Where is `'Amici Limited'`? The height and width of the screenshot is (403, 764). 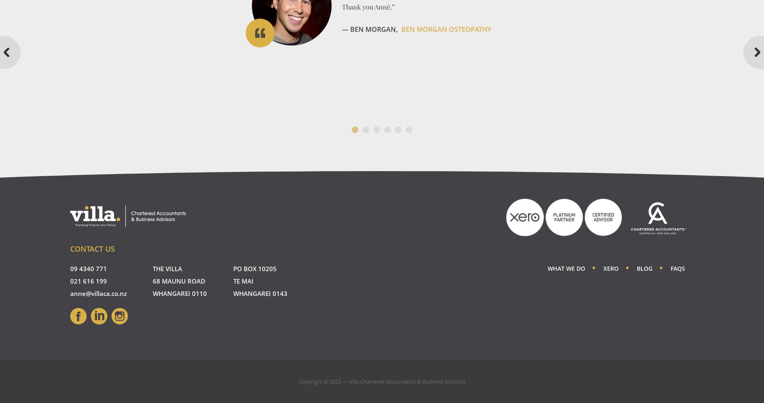 'Amici Limited' is located at coordinates (412, 76).